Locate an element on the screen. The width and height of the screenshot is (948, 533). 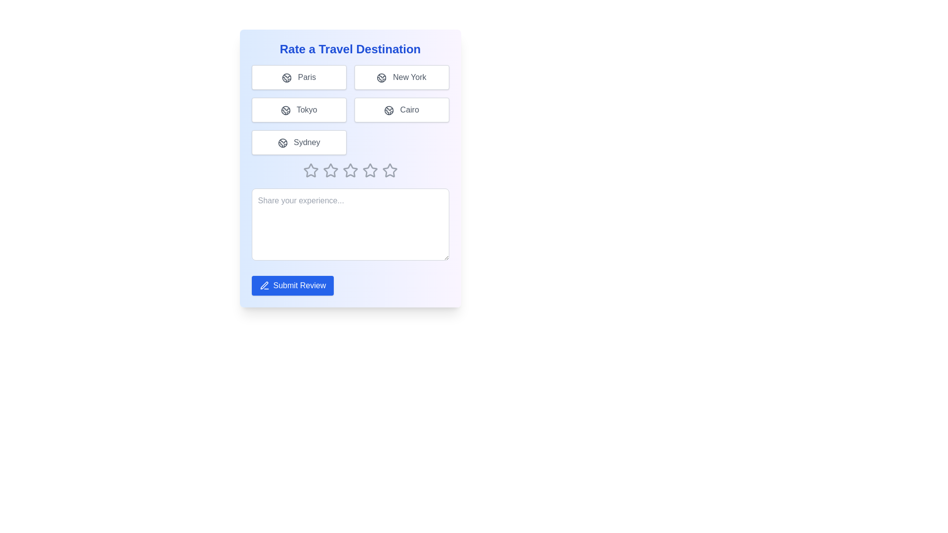
the circular globe icon within the bordered rectangular button labeled 'Paris', which is located in the top-left corner of the group of destination buttons is located at coordinates (286, 77).